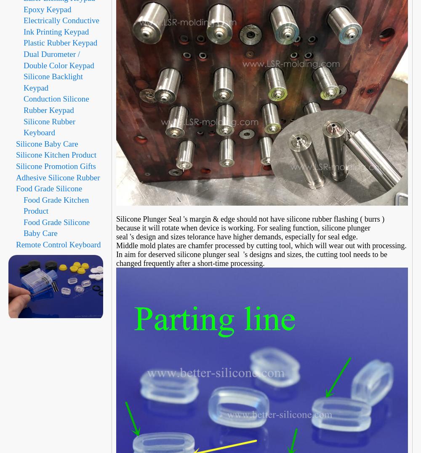 This screenshot has height=453, width=421. What do you see at coordinates (46, 143) in the screenshot?
I see `'Silicone Baby Care'` at bounding box center [46, 143].